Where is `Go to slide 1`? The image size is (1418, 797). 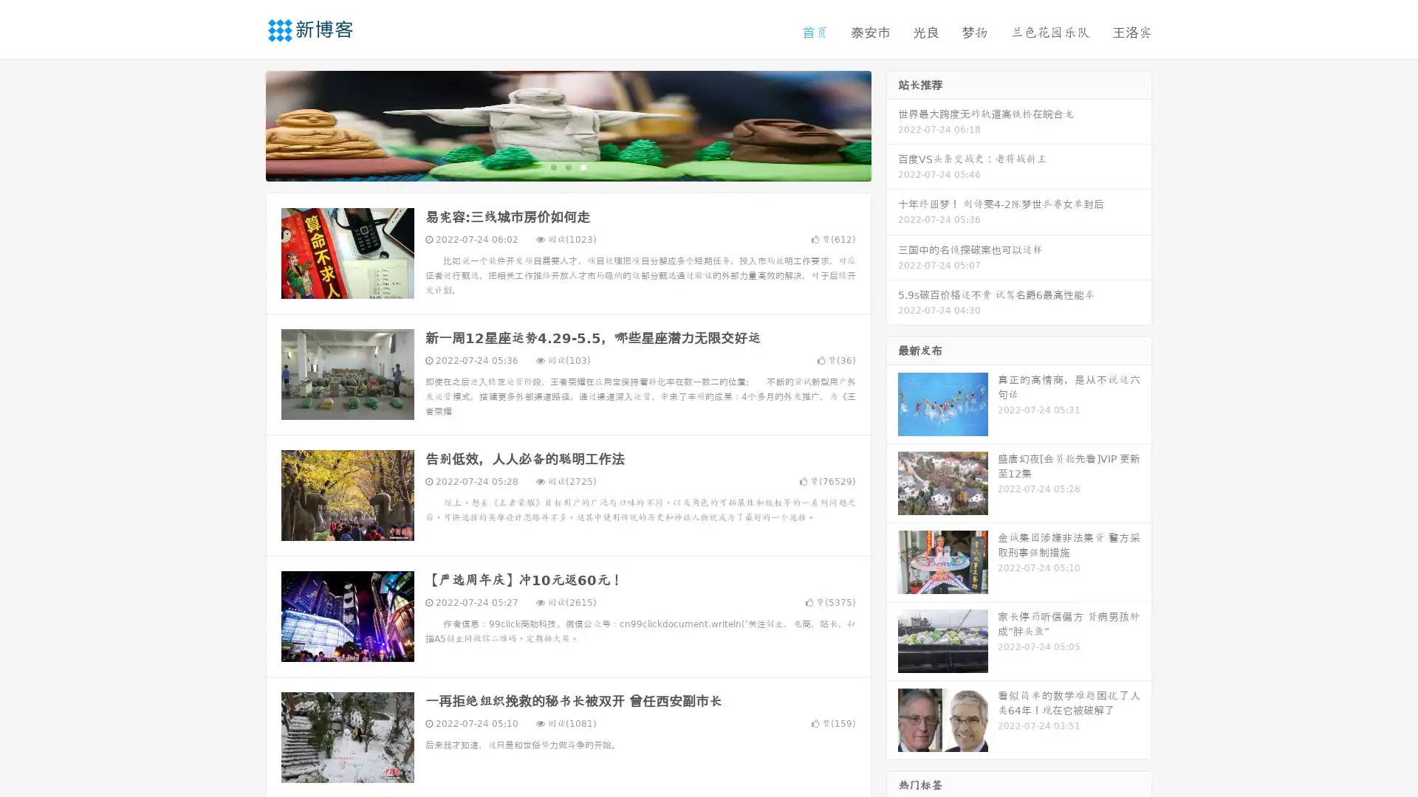
Go to slide 1 is located at coordinates (552, 166).